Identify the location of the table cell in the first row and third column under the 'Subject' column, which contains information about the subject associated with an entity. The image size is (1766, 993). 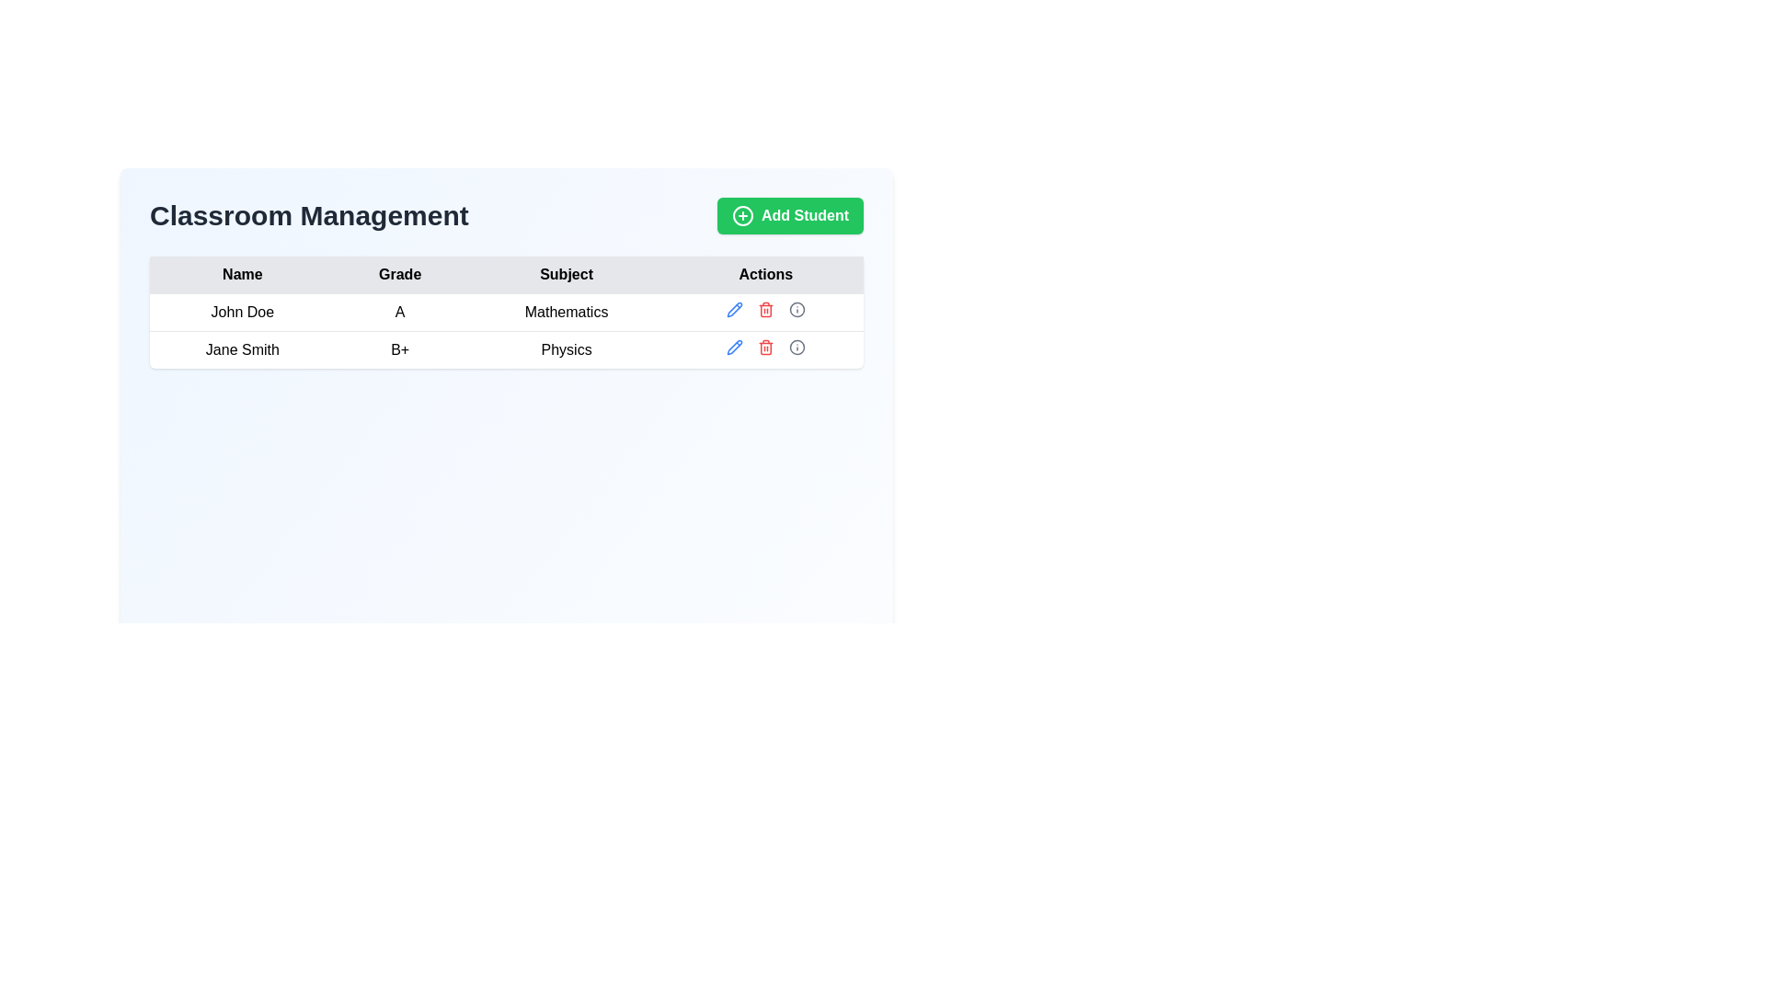
(566, 311).